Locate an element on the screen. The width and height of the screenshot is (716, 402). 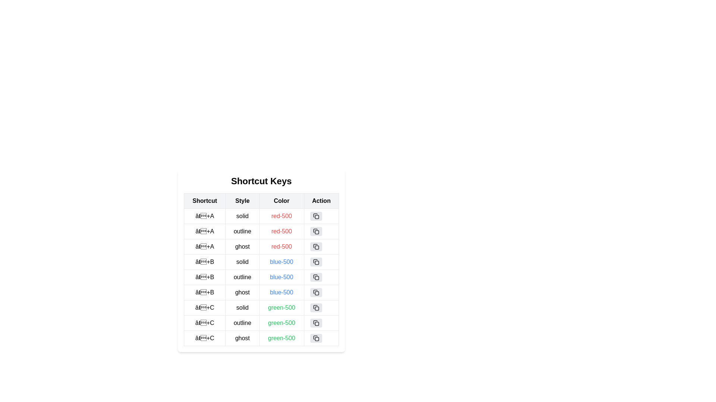
the first copy button in the second row of the table located in the 'Action' column, which has a light gray background and an icon of overlapping squares is located at coordinates (316, 231).